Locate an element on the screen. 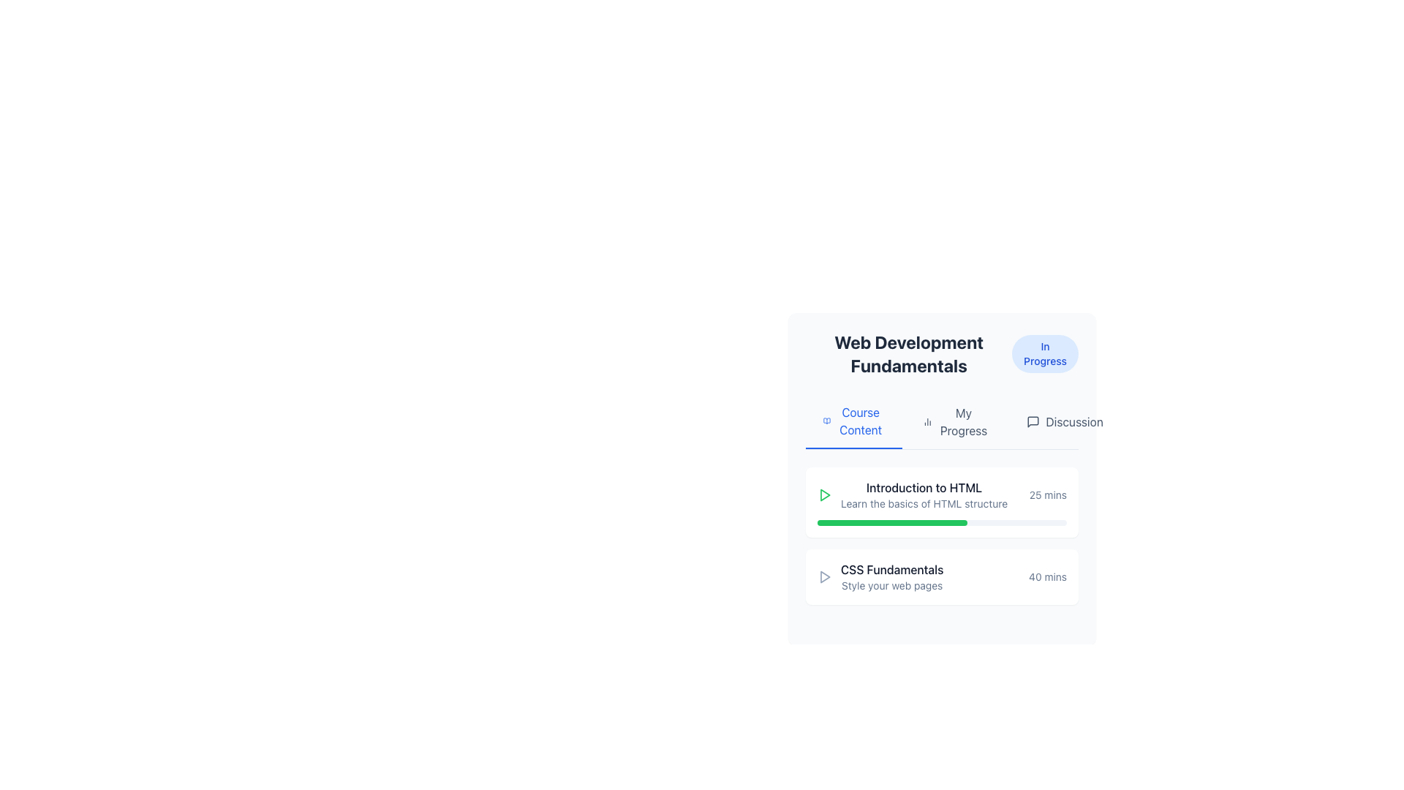 This screenshot has height=790, width=1404. visual progress indicated by the progress bar component located beneath the 'Introduction to HTML' learning module in the 'Web Development Fundamentals' course section is located at coordinates (891, 522).